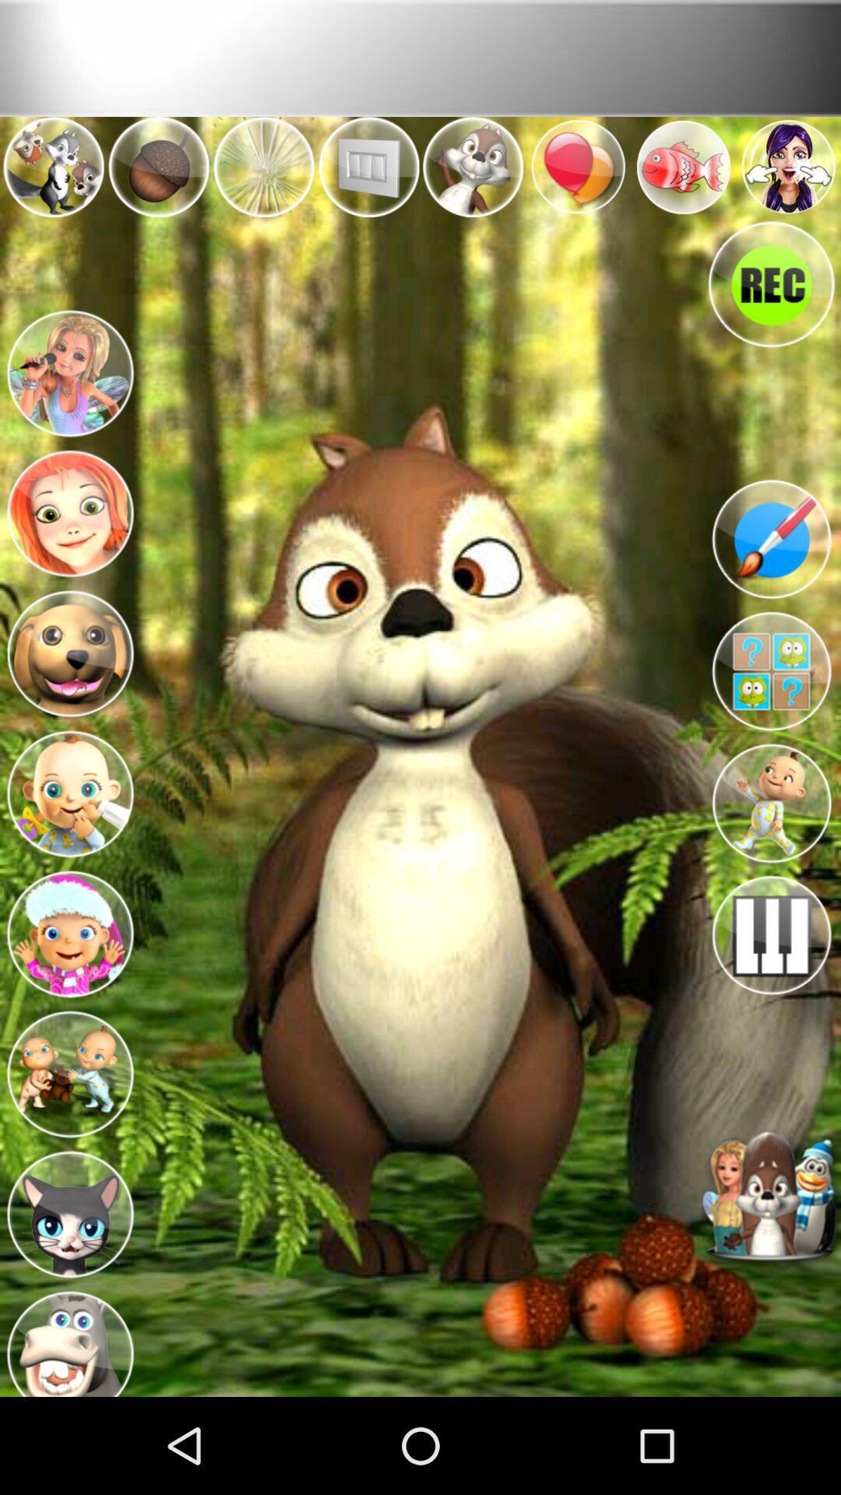  What do you see at coordinates (771, 804) in the screenshot?
I see `switch to toddler` at bounding box center [771, 804].